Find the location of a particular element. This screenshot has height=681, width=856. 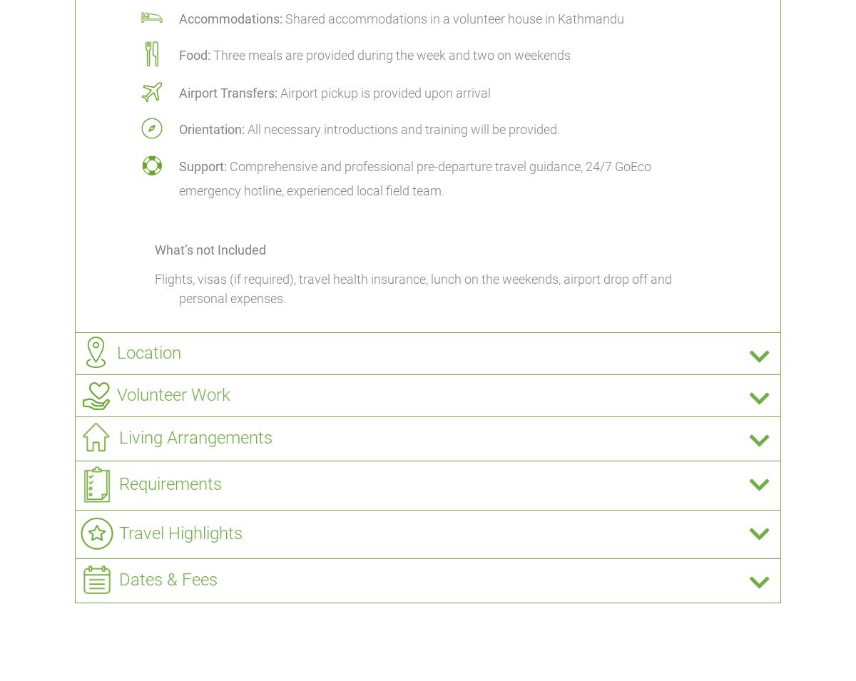

'Requirements' is located at coordinates (170, 483).